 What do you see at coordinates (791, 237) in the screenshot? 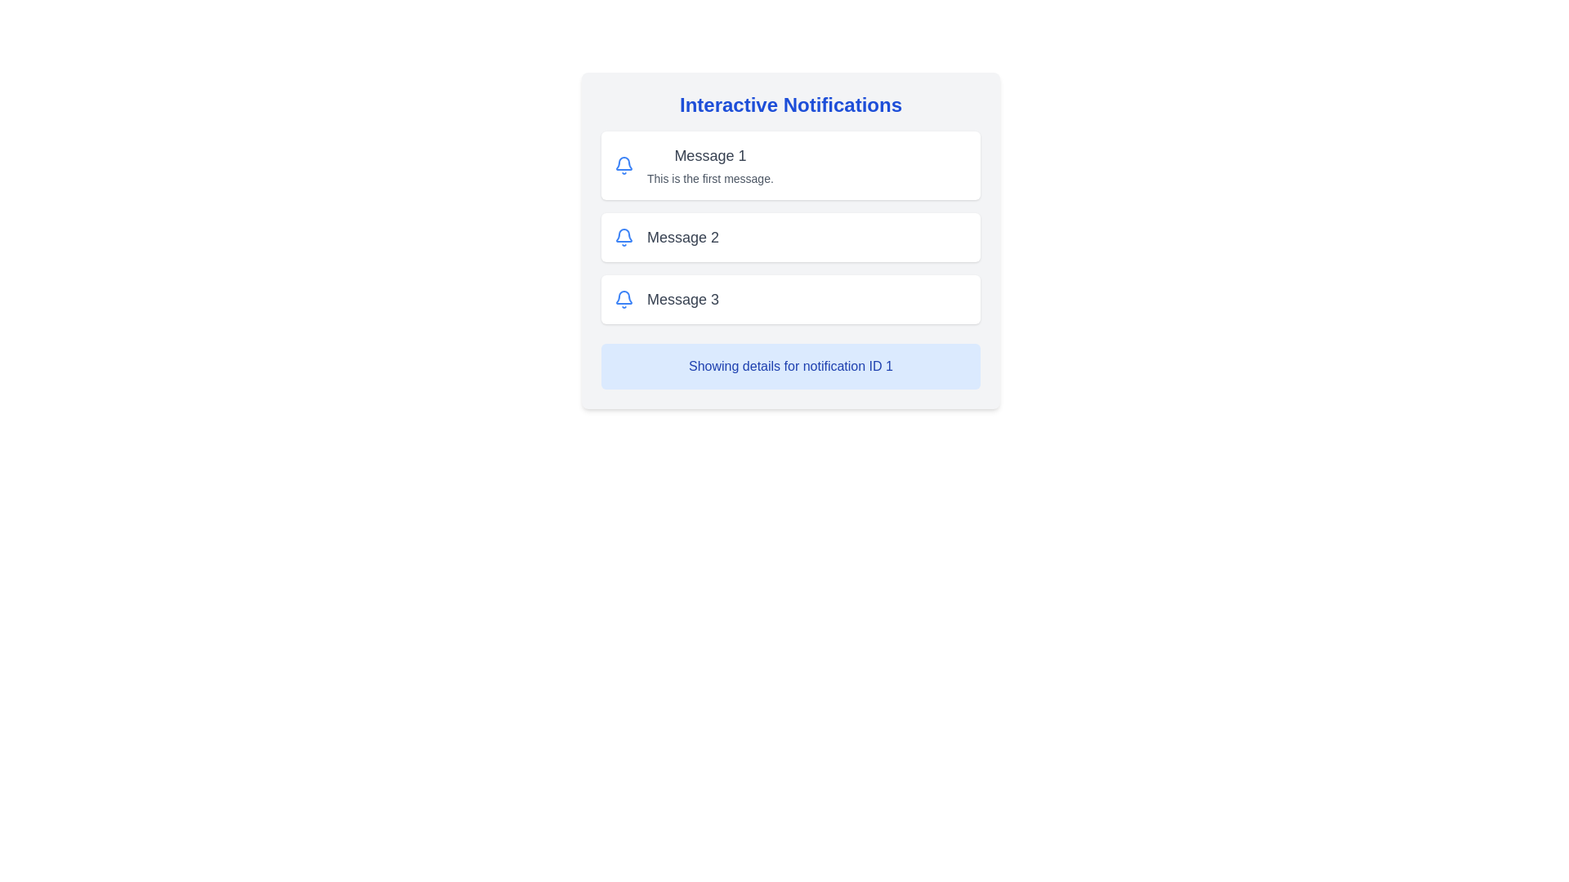
I see `the second card in the vertical list of notifications` at bounding box center [791, 237].